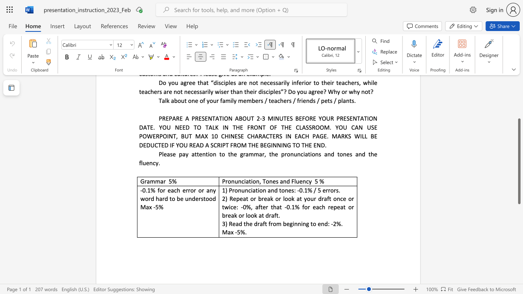 The image size is (523, 294). I want to click on the scrollbar and move down 20 pixels, so click(519, 161).